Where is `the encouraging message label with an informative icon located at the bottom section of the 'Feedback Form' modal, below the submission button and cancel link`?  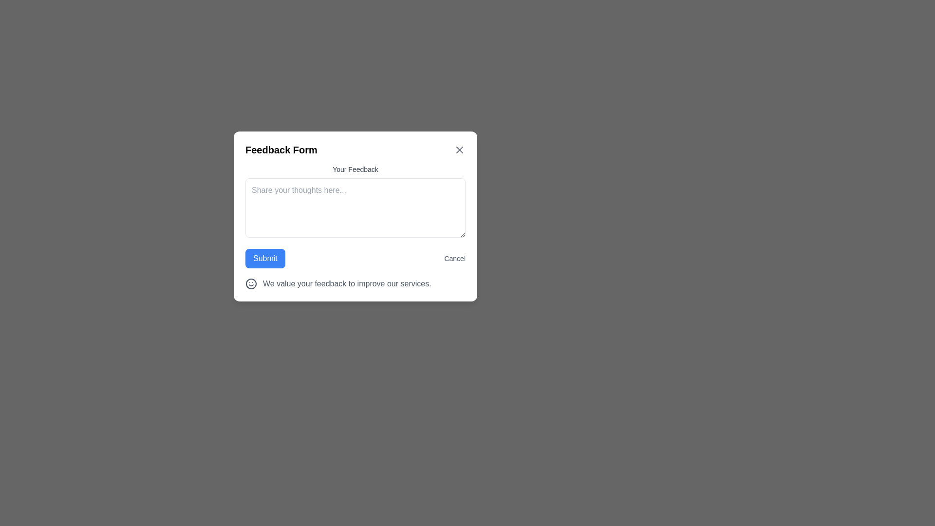
the encouraging message label with an informative icon located at the bottom section of the 'Feedback Form' modal, below the submission button and cancel link is located at coordinates (355, 283).